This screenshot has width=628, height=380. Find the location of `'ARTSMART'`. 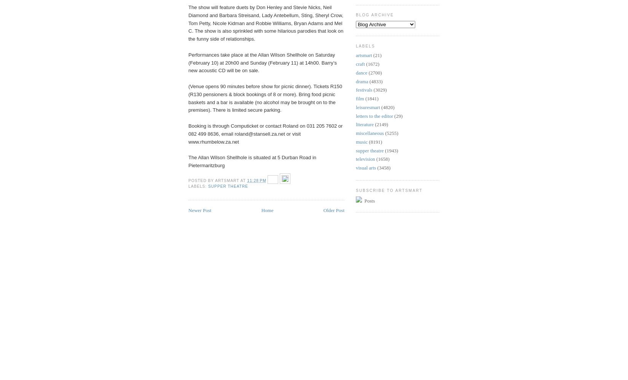

'ARTSMART' is located at coordinates (214, 180).